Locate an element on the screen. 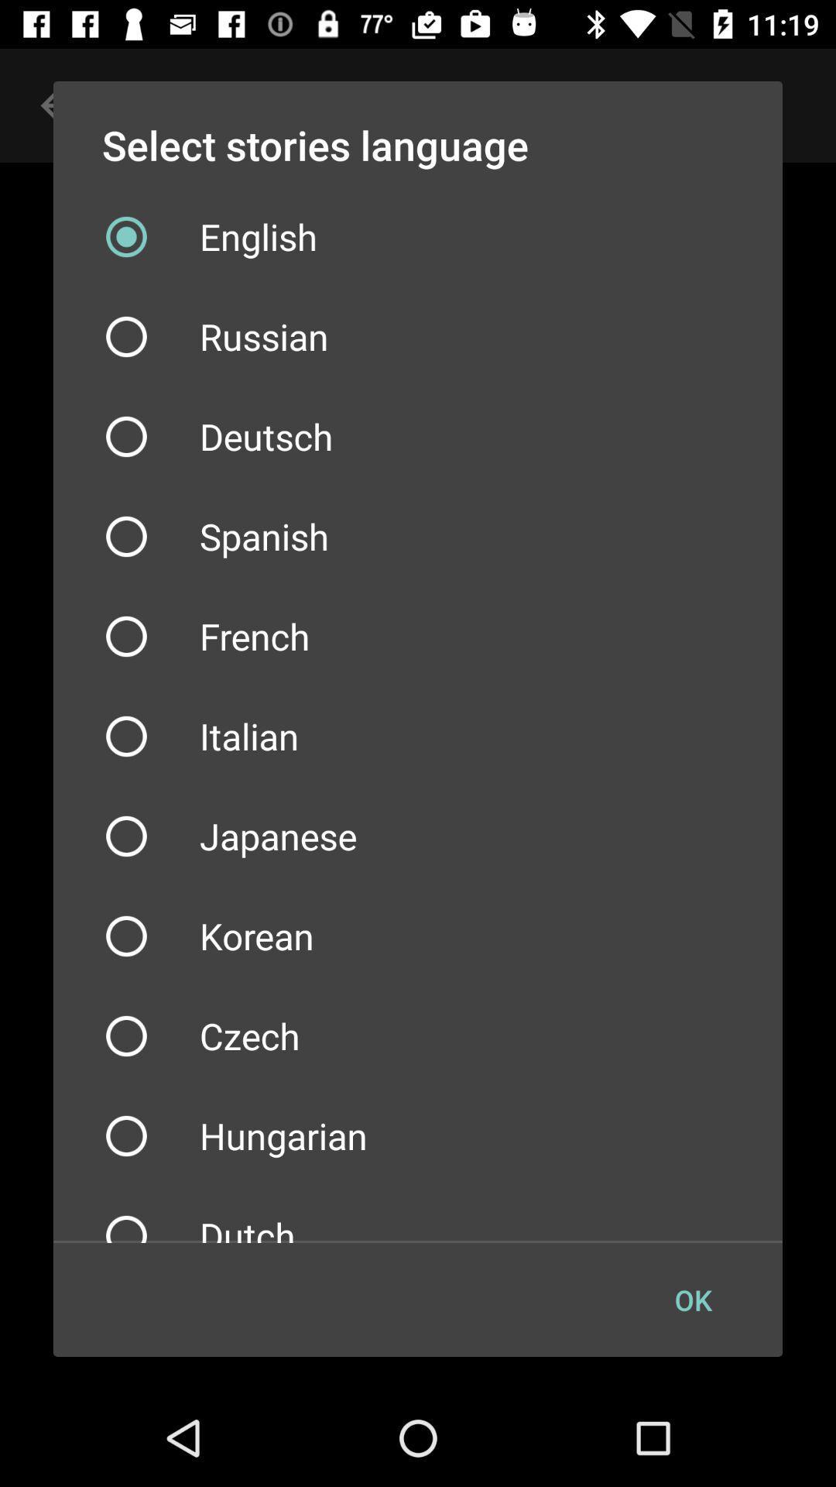 The width and height of the screenshot is (836, 1487). the item at the bottom right corner is located at coordinates (692, 1300).